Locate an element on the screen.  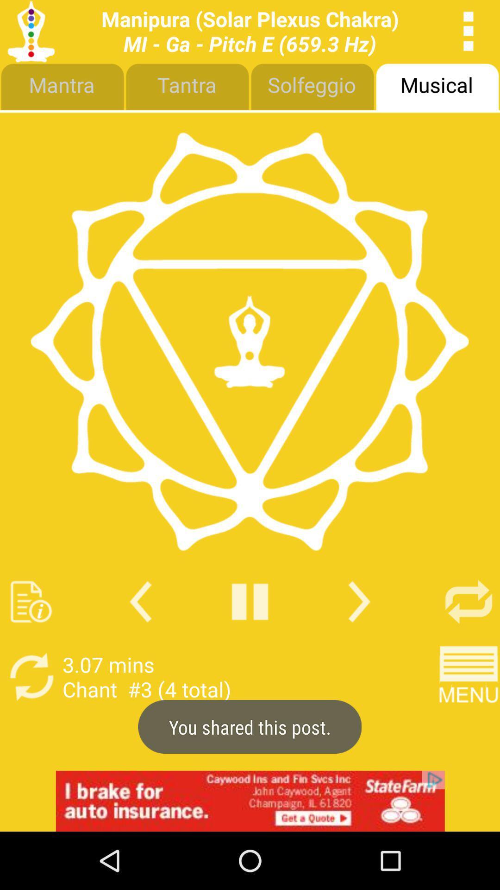
display image is located at coordinates (249, 341).